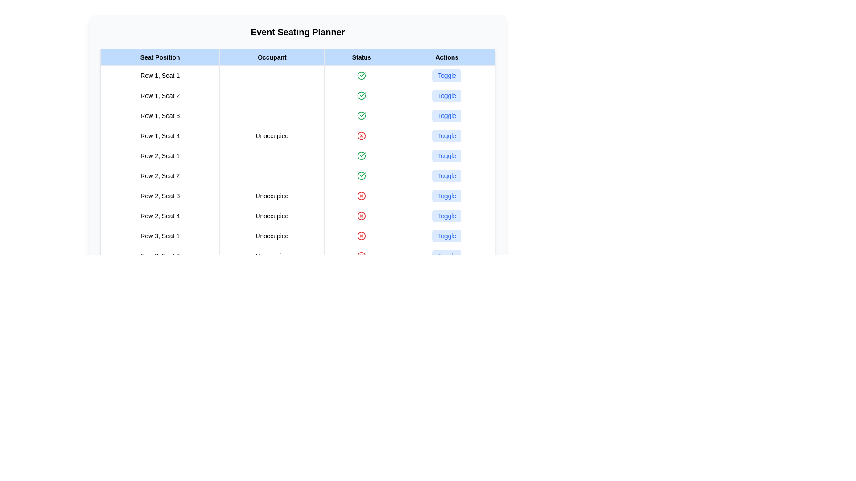 The width and height of the screenshot is (856, 481). I want to click on the red circular icon containing a checkmark located in the third row of the 'Status' column in the table under 'Event Seating Planner.', so click(362, 115).